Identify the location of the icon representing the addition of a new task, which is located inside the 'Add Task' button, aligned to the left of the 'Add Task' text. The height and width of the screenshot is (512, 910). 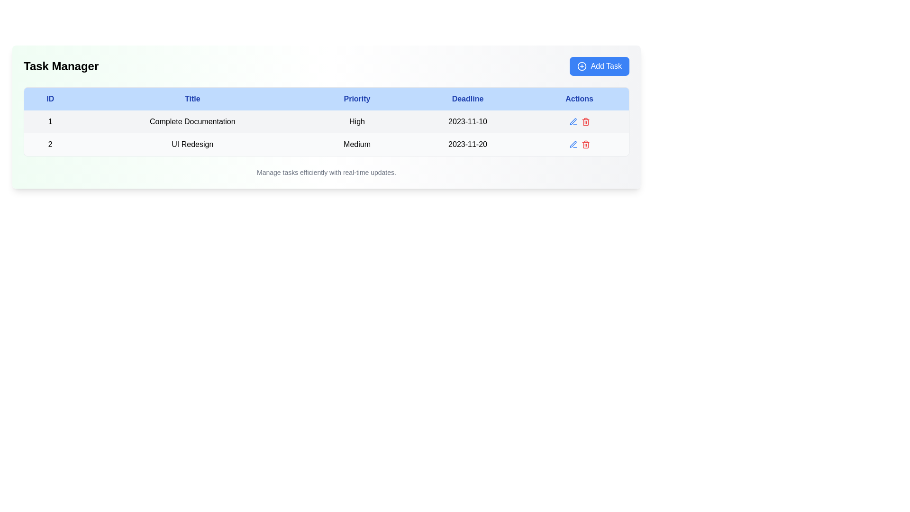
(582, 65).